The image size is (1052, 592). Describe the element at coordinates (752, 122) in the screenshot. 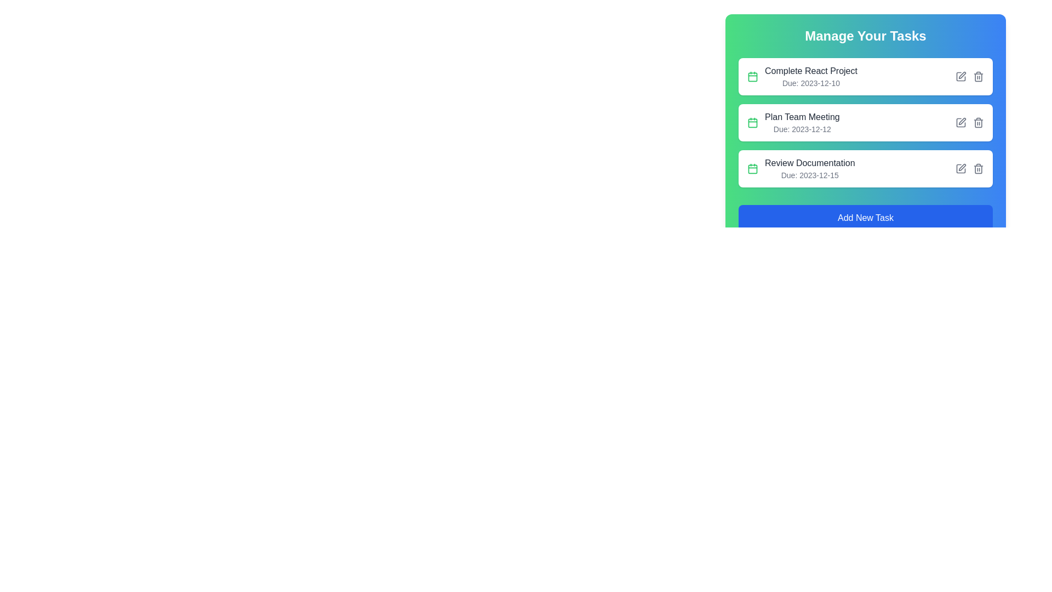

I see `the square with rounded corners, which is part of the calendar icon in the second task row of the task manager layout` at that location.